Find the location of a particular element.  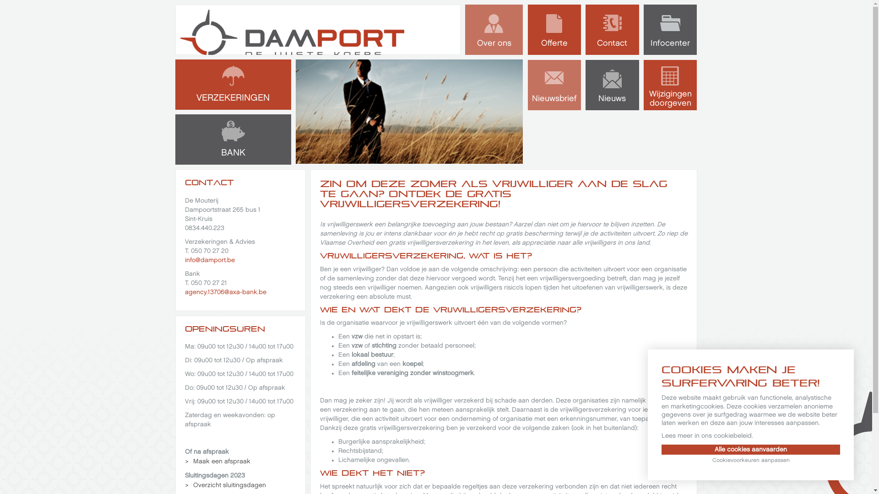

'Alle cookies aanvaarden' is located at coordinates (751, 449).